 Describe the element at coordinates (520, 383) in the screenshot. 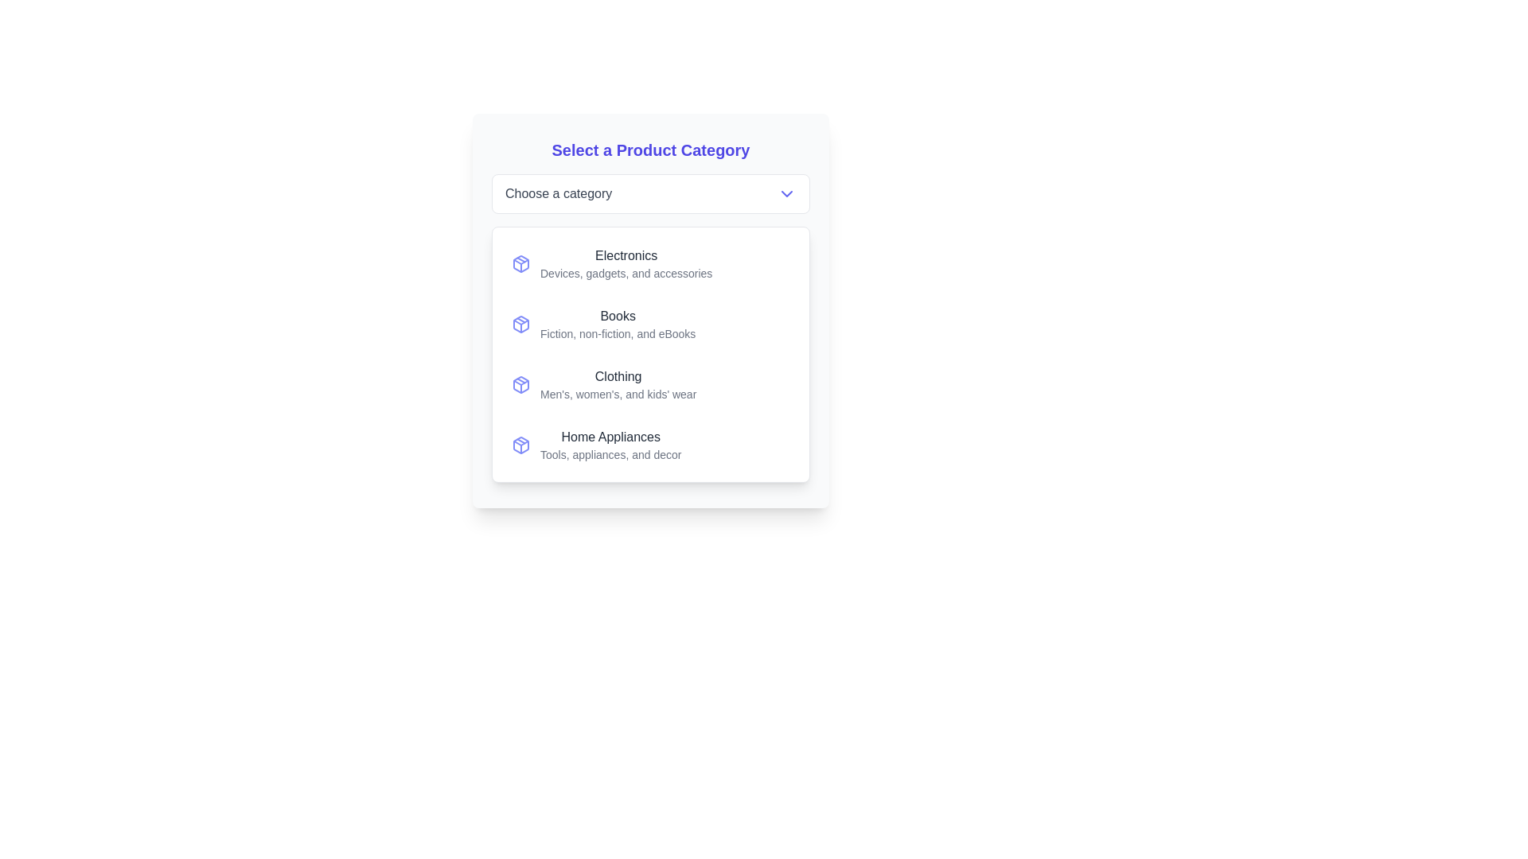

I see `the small triangular graphical icon that is part of the SVG icon to the left of the 'Clothing' list item text in the menu` at that location.